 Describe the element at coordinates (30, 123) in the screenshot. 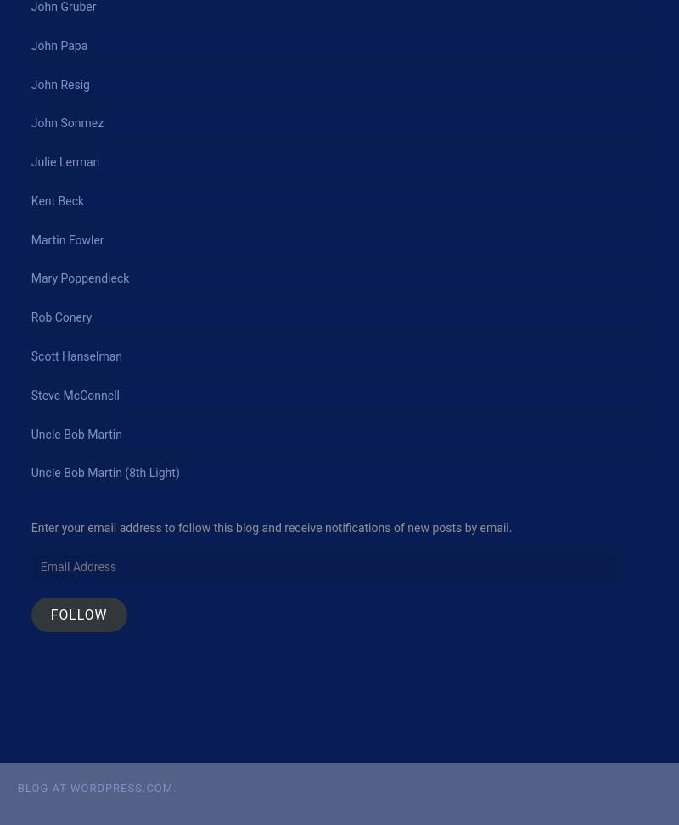

I see `'John Sonmez'` at that location.